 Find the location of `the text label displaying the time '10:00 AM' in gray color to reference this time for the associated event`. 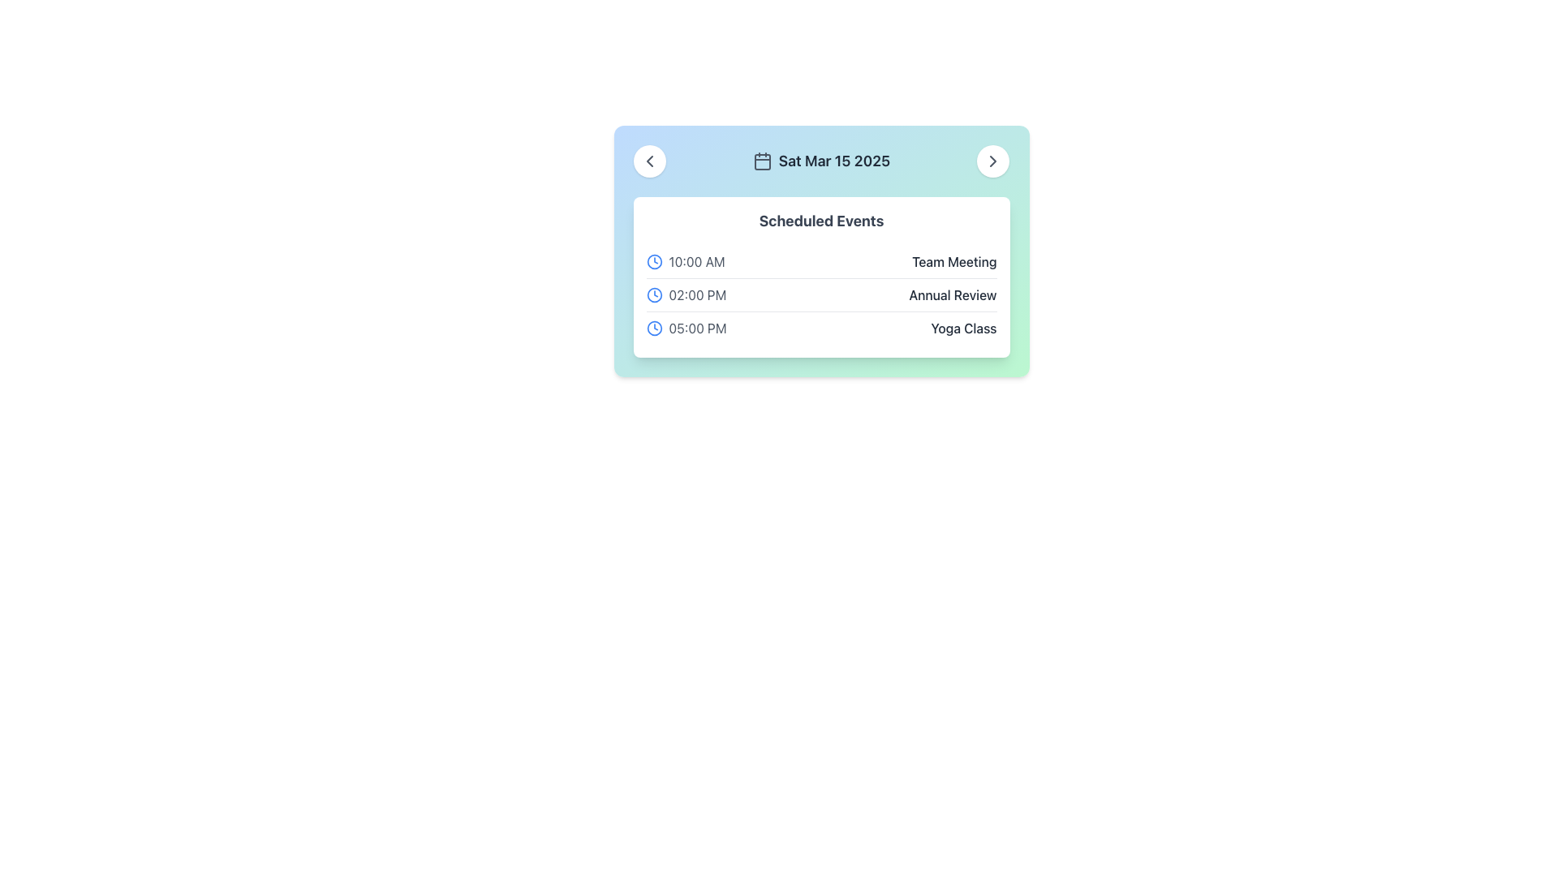

the text label displaying the time '10:00 AM' in gray color to reference this time for the associated event is located at coordinates (697, 261).